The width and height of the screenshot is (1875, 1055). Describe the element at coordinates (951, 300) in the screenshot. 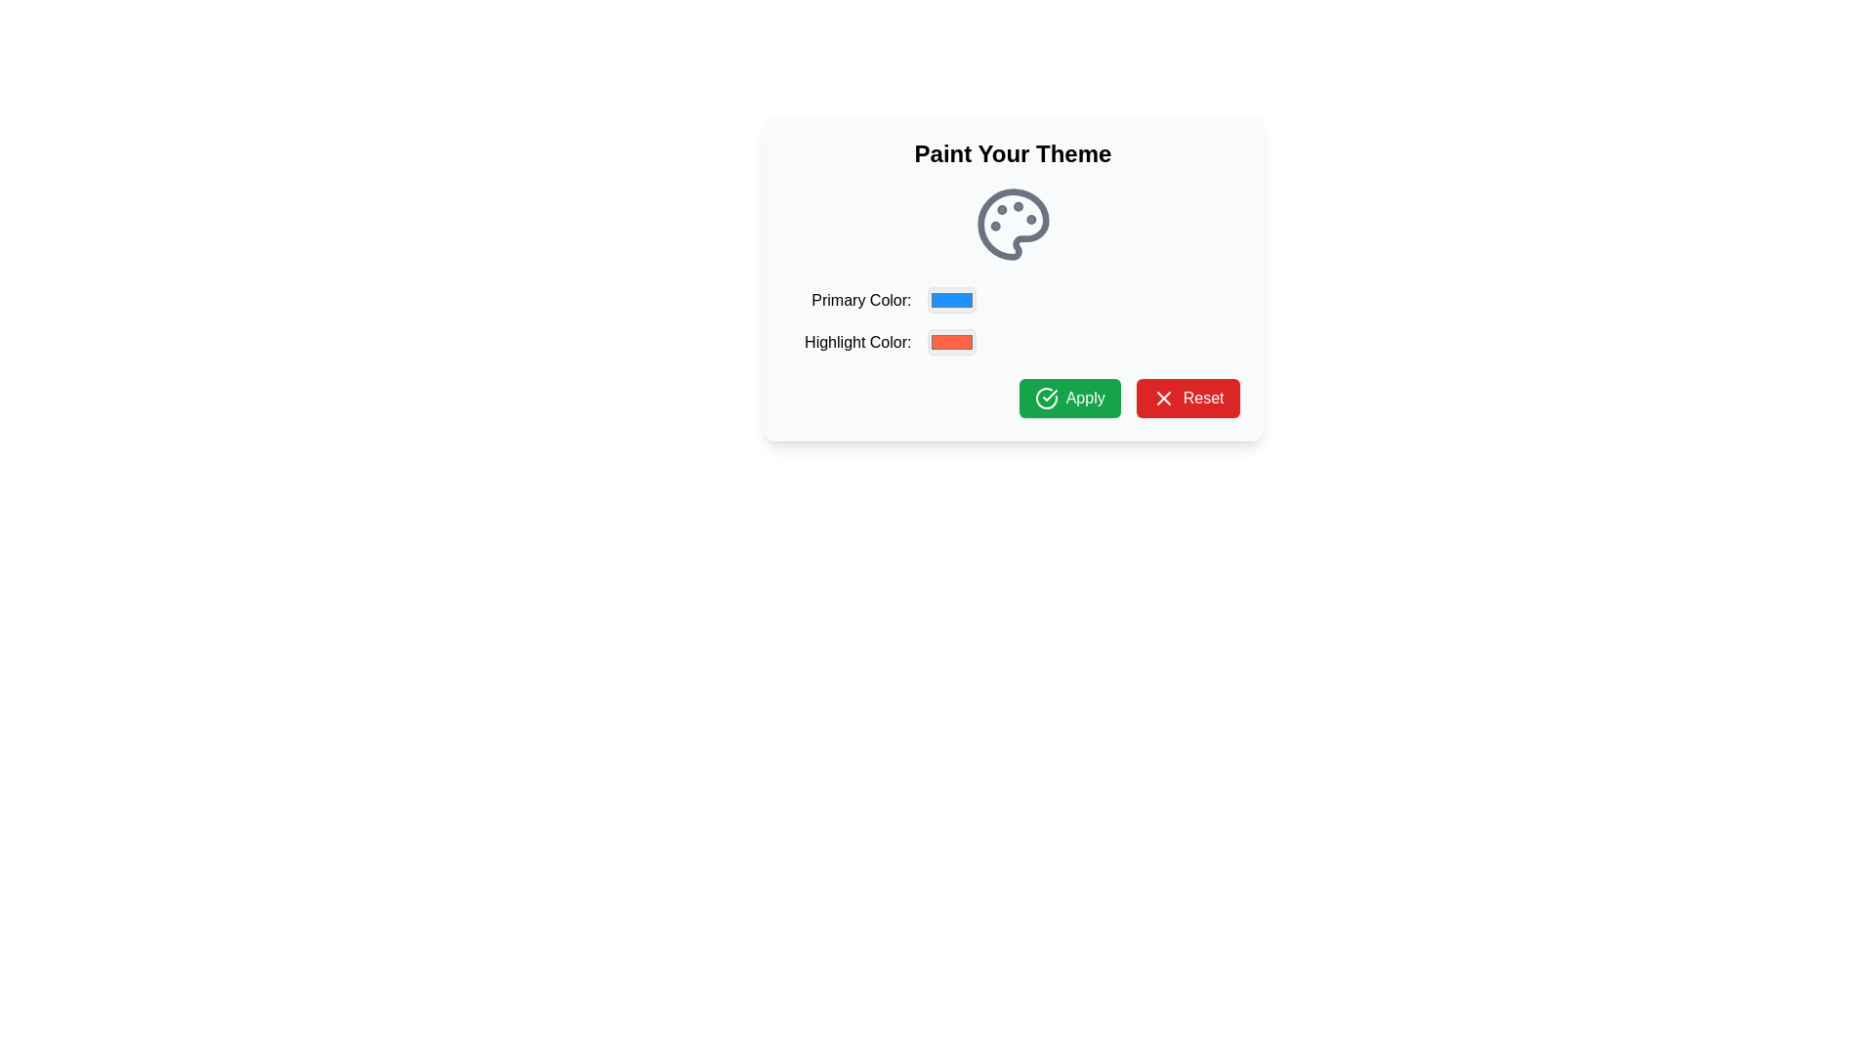

I see `the color input element located to the immediate right of the 'Primary Color:' label in the 'Paint Your Theme' card` at that location.